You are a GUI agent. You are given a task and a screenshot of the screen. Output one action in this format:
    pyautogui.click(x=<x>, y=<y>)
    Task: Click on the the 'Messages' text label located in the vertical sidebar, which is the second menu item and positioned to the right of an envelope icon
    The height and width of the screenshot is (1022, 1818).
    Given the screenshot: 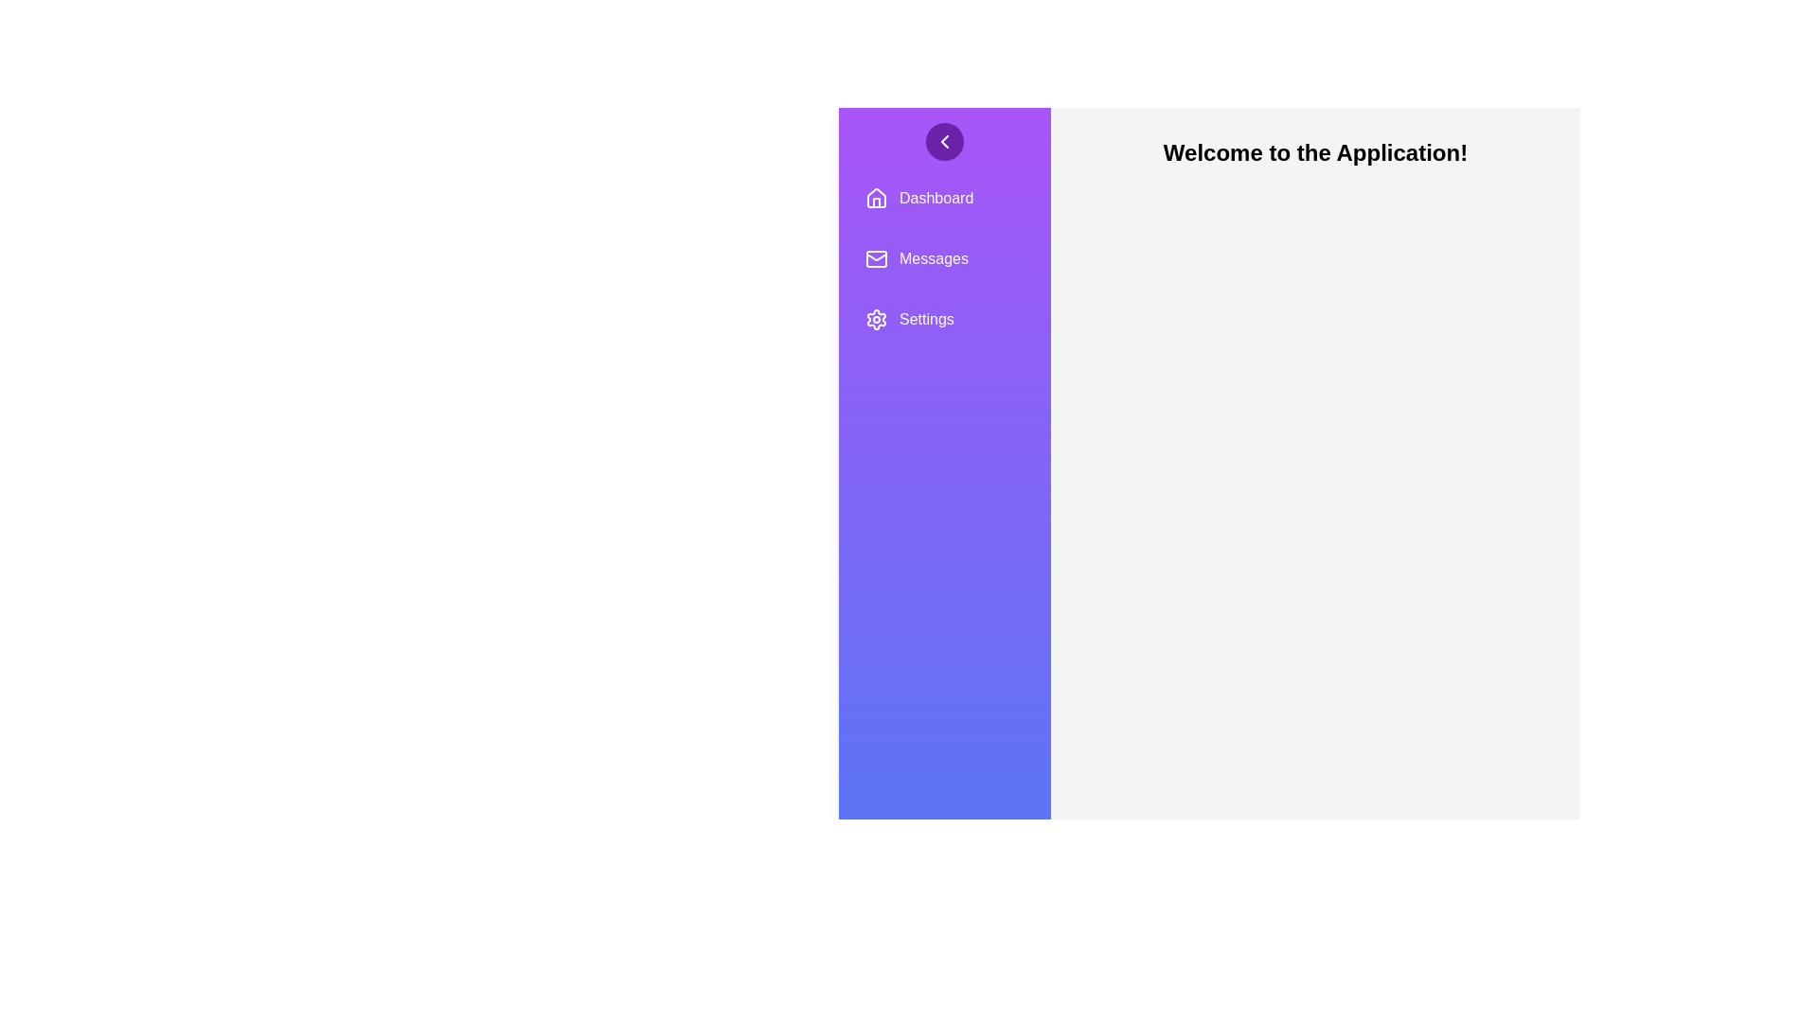 What is the action you would take?
    pyautogui.click(x=934, y=258)
    